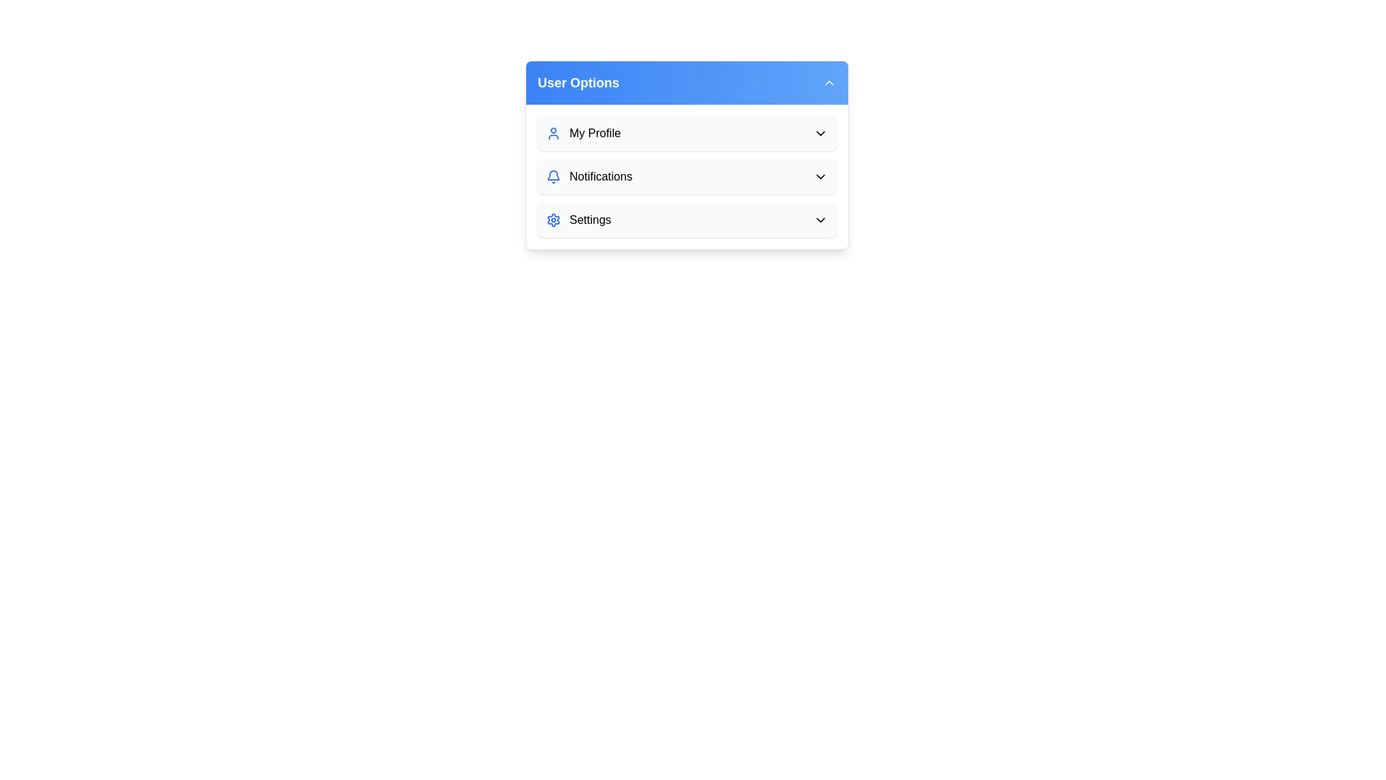 This screenshot has height=780, width=1386. Describe the element at coordinates (553, 220) in the screenshot. I see `the settings icon located in the 'User Options' menu, positioned towards the left side of the 'Settings' row` at that location.